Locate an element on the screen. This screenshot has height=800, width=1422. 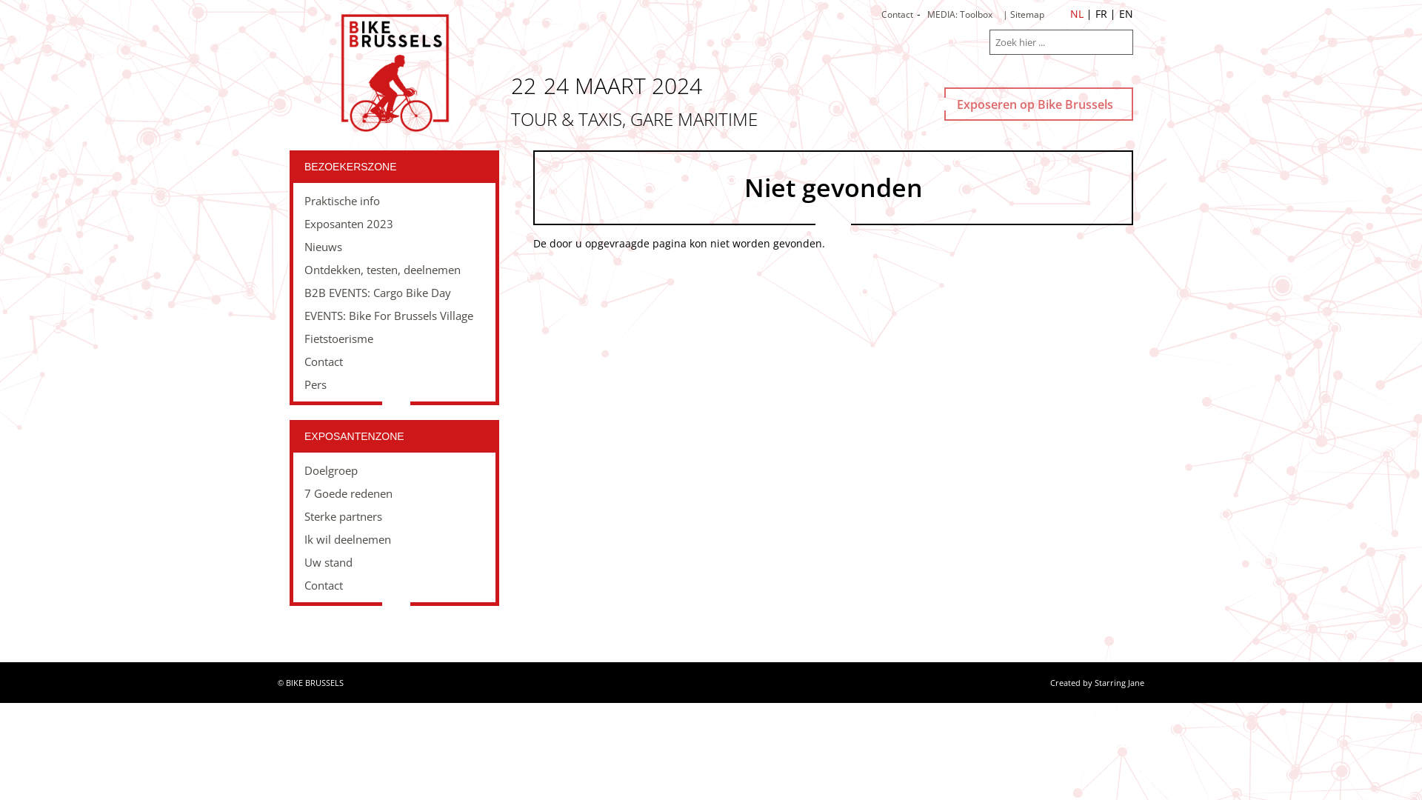
'B2B EVENTS: Cargo Bike Day' is located at coordinates (394, 293).